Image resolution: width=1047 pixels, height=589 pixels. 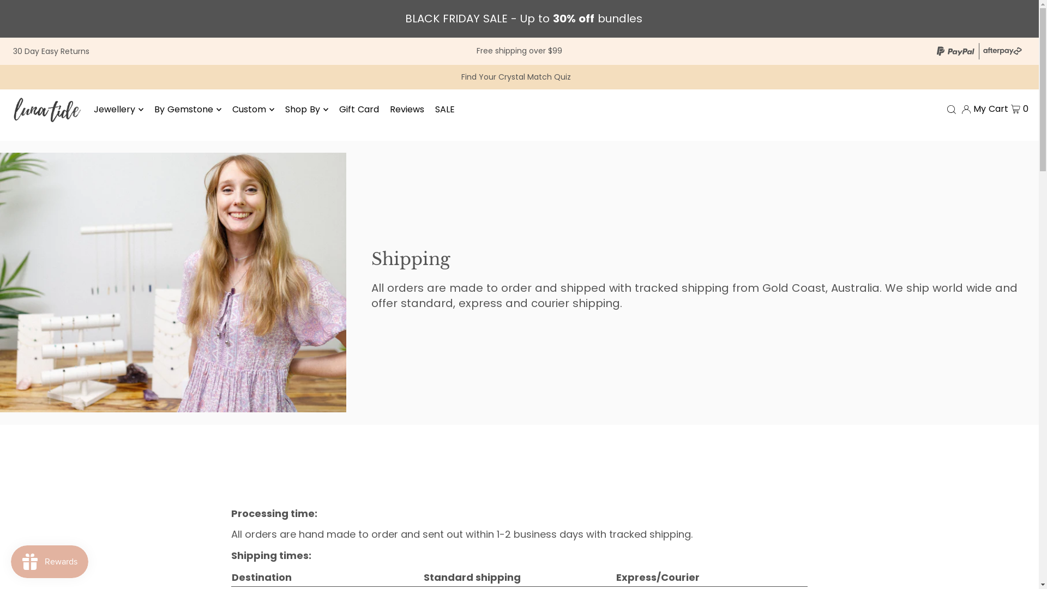 What do you see at coordinates (188, 109) in the screenshot?
I see `'By Gemstone'` at bounding box center [188, 109].